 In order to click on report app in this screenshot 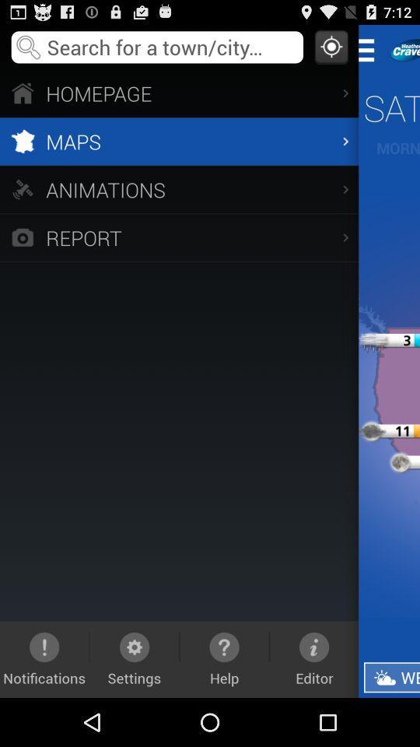, I will do `click(178, 237)`.